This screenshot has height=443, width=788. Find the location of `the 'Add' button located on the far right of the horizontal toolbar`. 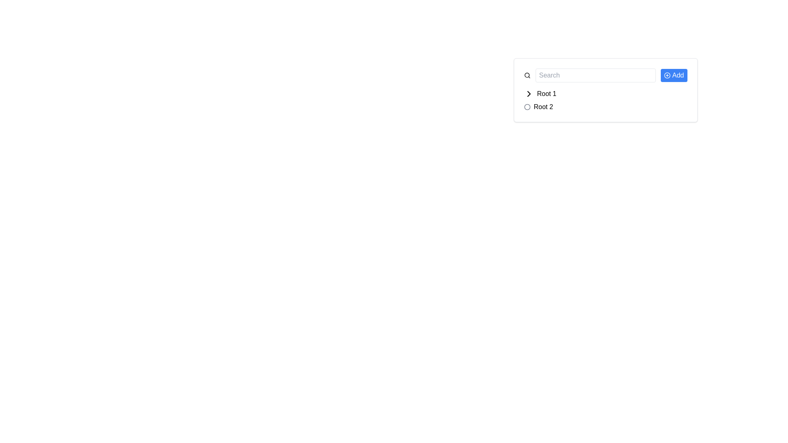

the 'Add' button located on the far right of the horizontal toolbar is located at coordinates (674, 75).